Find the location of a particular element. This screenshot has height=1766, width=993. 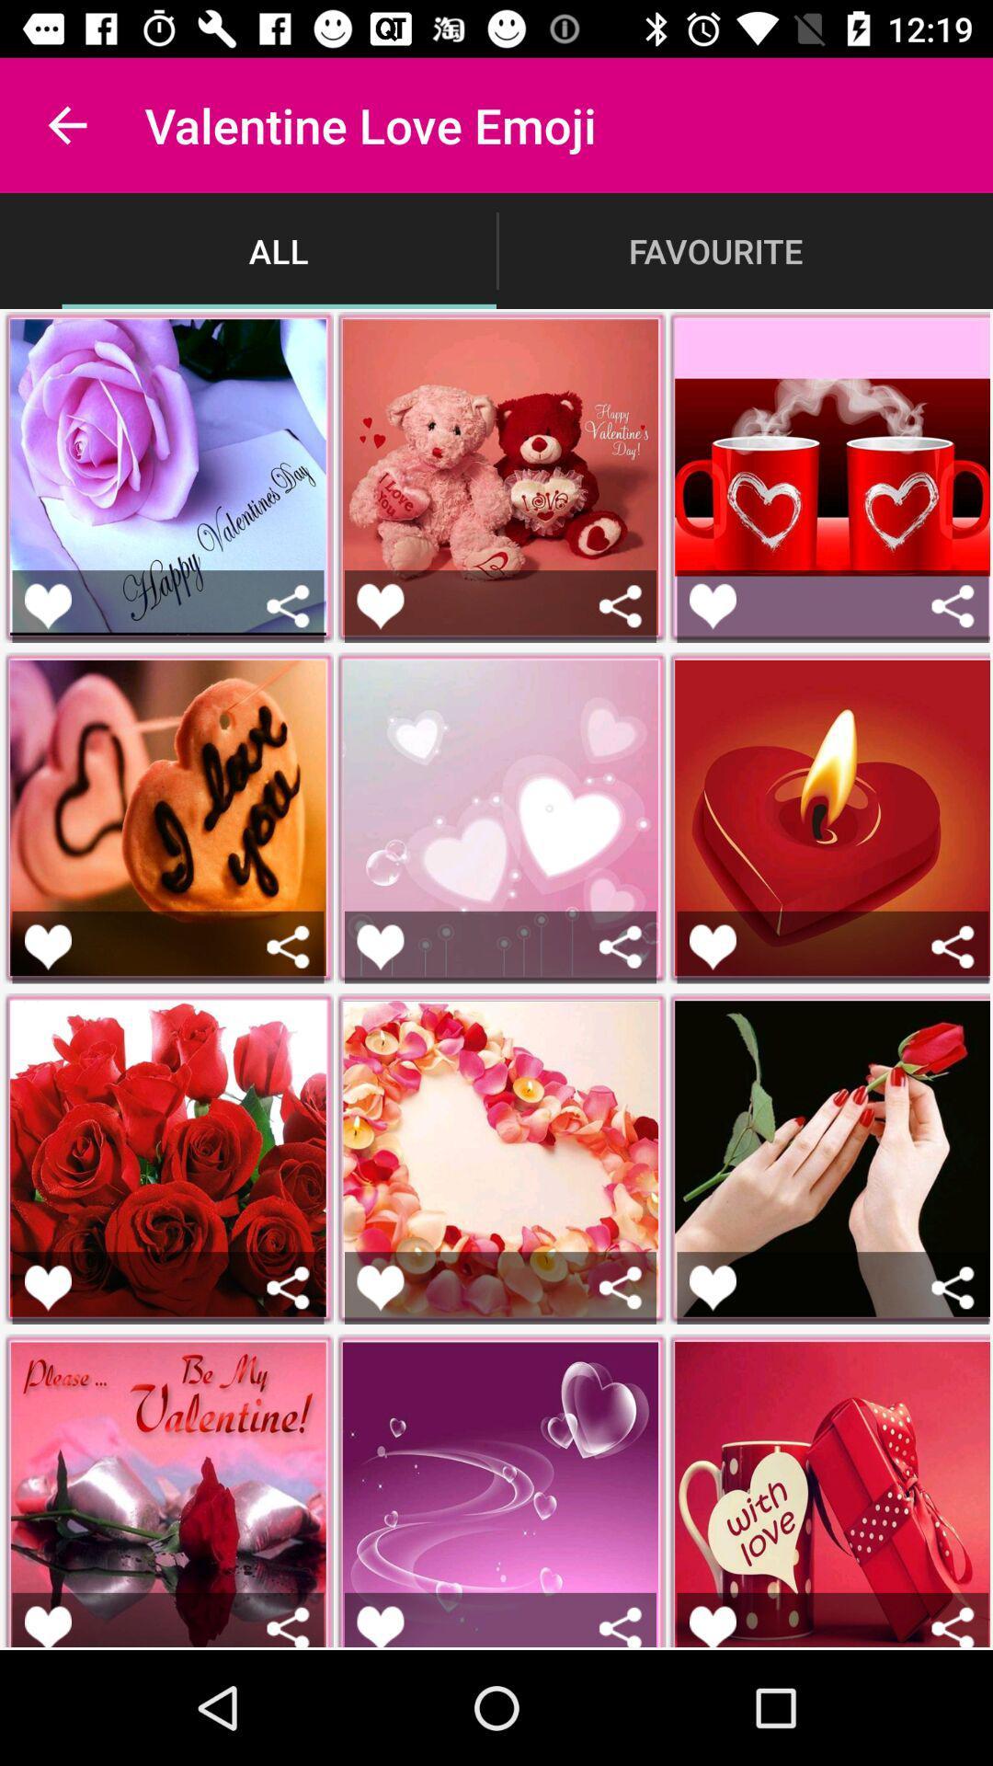

share the emoji or sticker is located at coordinates (952, 1287).